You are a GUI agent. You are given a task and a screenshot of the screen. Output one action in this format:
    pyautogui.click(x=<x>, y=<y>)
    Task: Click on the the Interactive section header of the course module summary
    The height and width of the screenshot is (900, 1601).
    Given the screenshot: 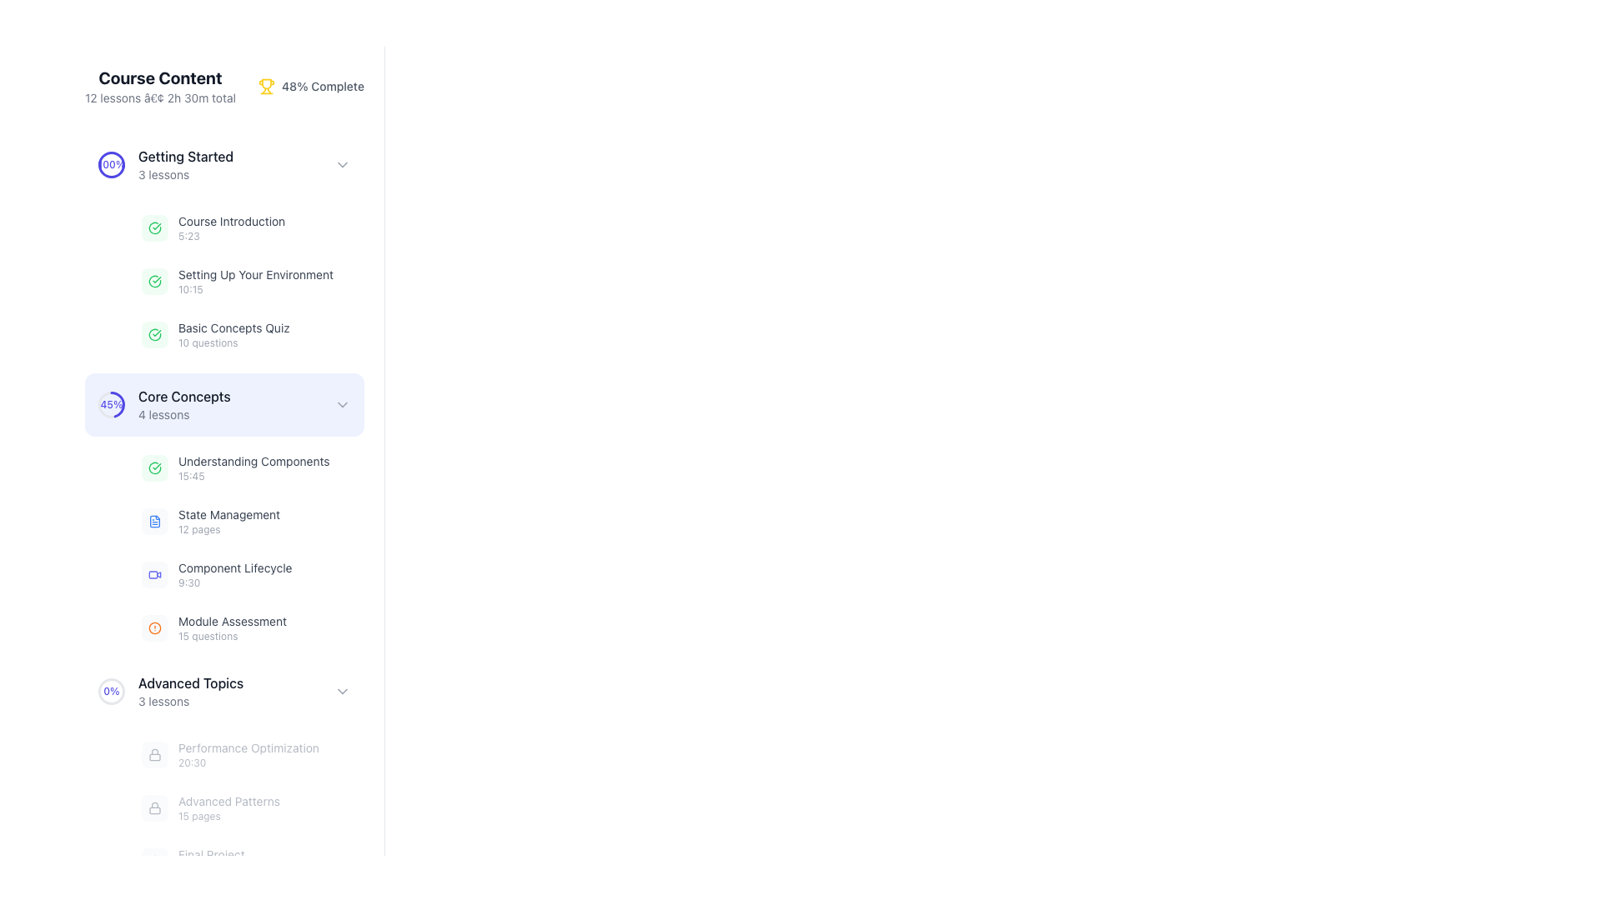 What is the action you would take?
    pyautogui.click(x=223, y=164)
    